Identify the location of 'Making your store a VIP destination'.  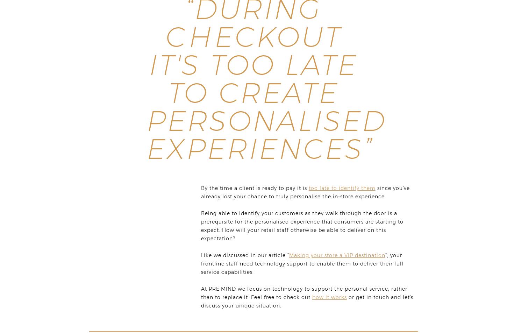
(336, 255).